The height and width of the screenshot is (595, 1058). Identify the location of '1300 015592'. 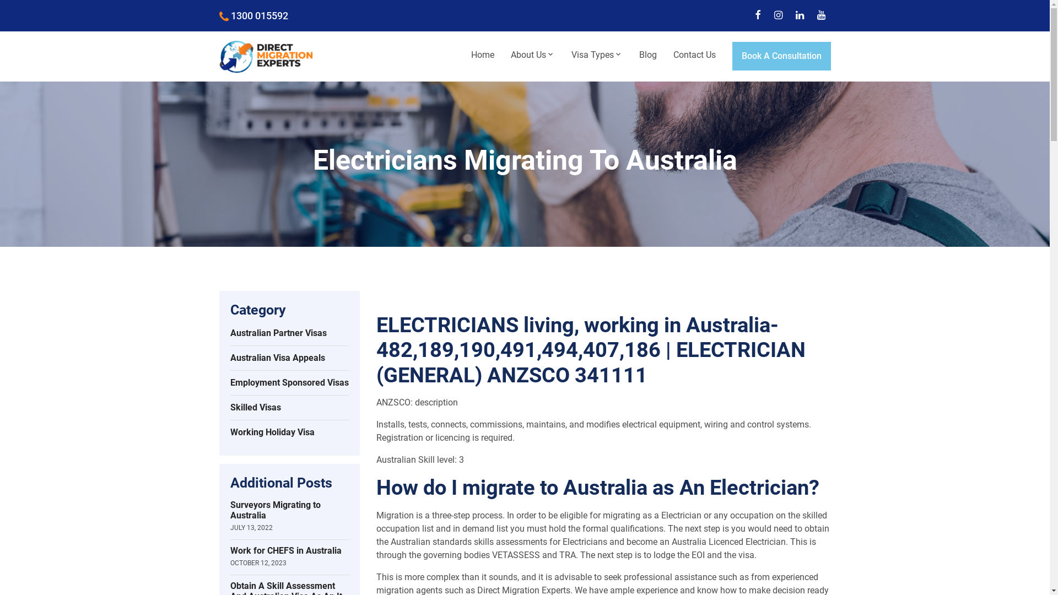
(219, 15).